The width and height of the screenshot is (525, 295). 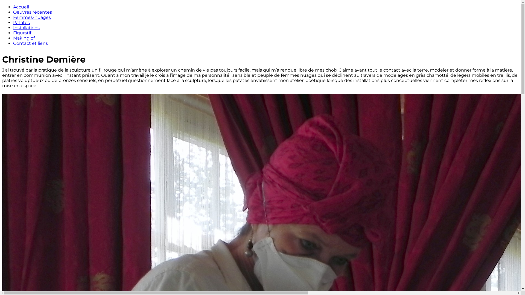 What do you see at coordinates (21, 7) in the screenshot?
I see `'Accueil'` at bounding box center [21, 7].